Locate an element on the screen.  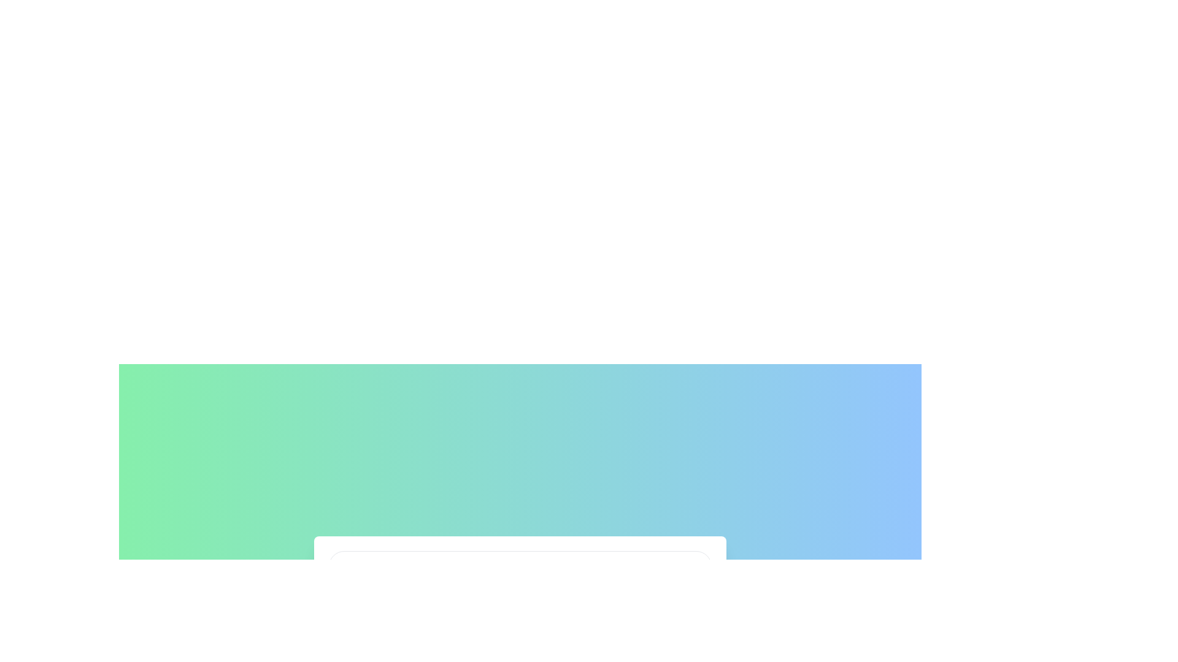
the SVG Circle element that represents the central part of the search icon for visual feedback is located at coordinates (344, 565).